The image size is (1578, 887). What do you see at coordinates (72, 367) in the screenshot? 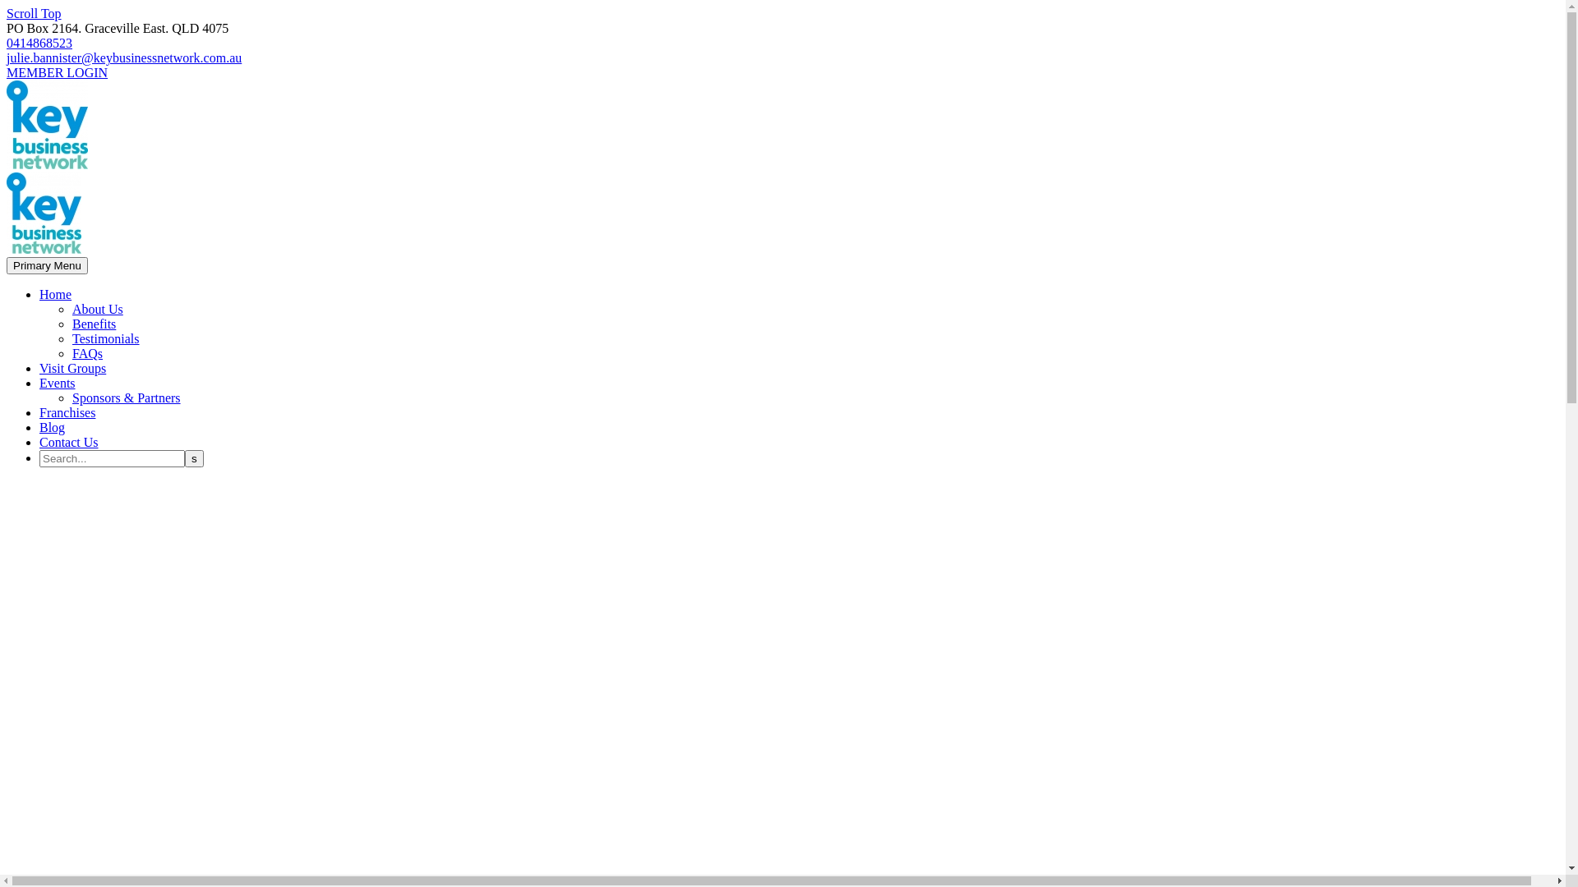
I see `'Visit Groups'` at bounding box center [72, 367].